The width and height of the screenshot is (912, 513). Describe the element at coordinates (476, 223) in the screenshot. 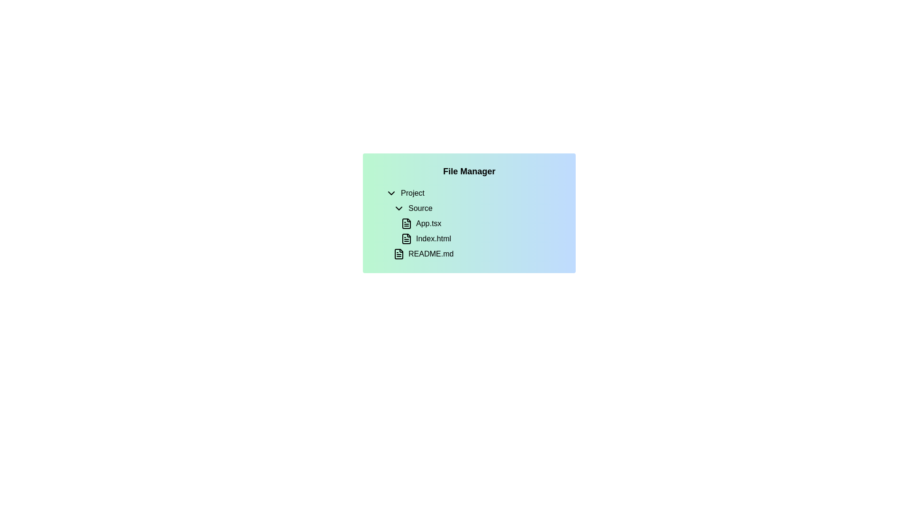

I see `the file entry labeled 'App.tsx' in the file manager located under the 'Source' section` at that location.